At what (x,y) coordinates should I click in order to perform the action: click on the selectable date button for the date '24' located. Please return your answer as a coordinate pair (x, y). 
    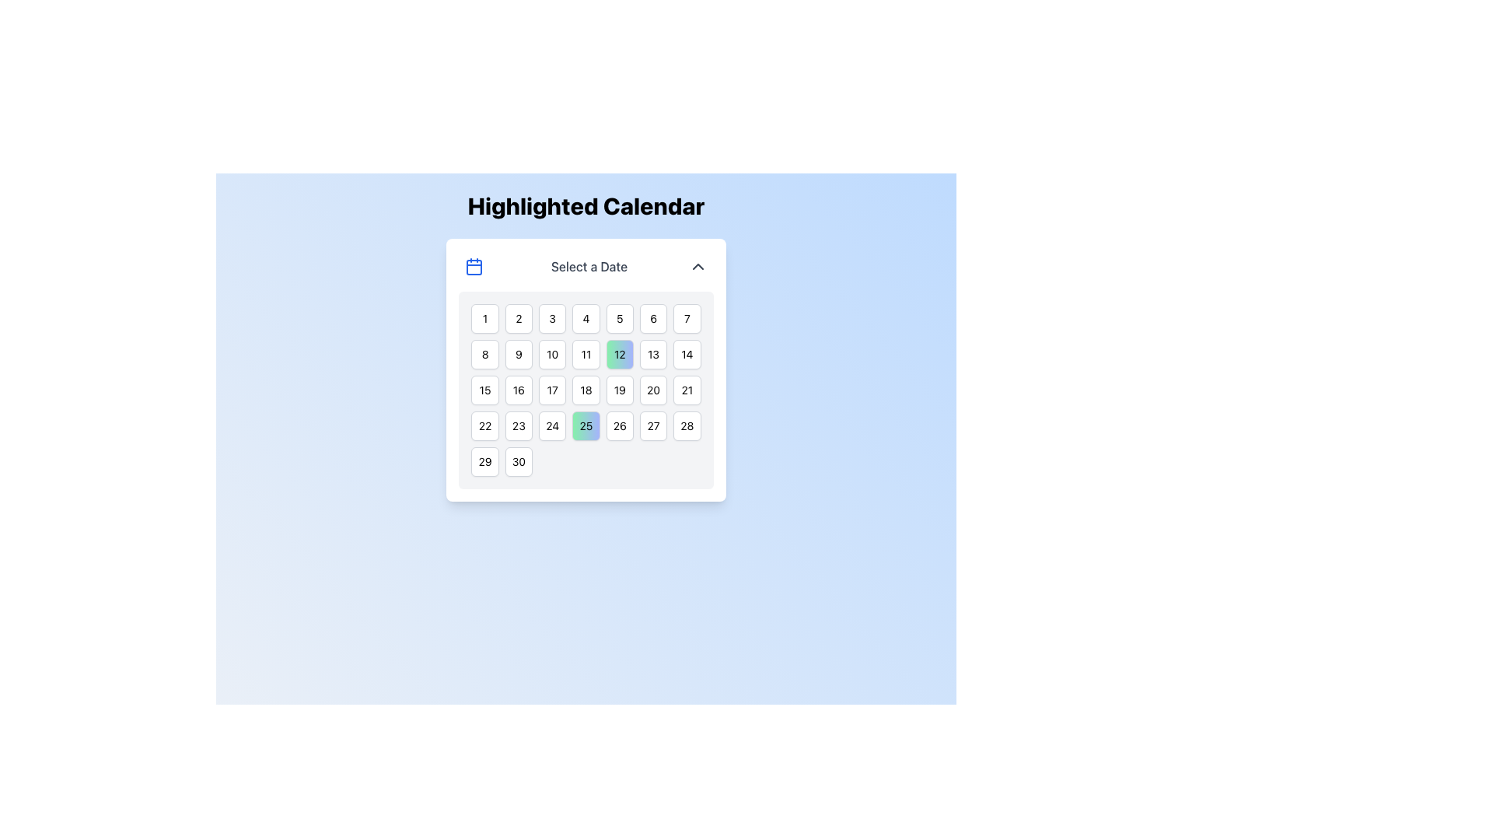
    Looking at the image, I should click on (552, 425).